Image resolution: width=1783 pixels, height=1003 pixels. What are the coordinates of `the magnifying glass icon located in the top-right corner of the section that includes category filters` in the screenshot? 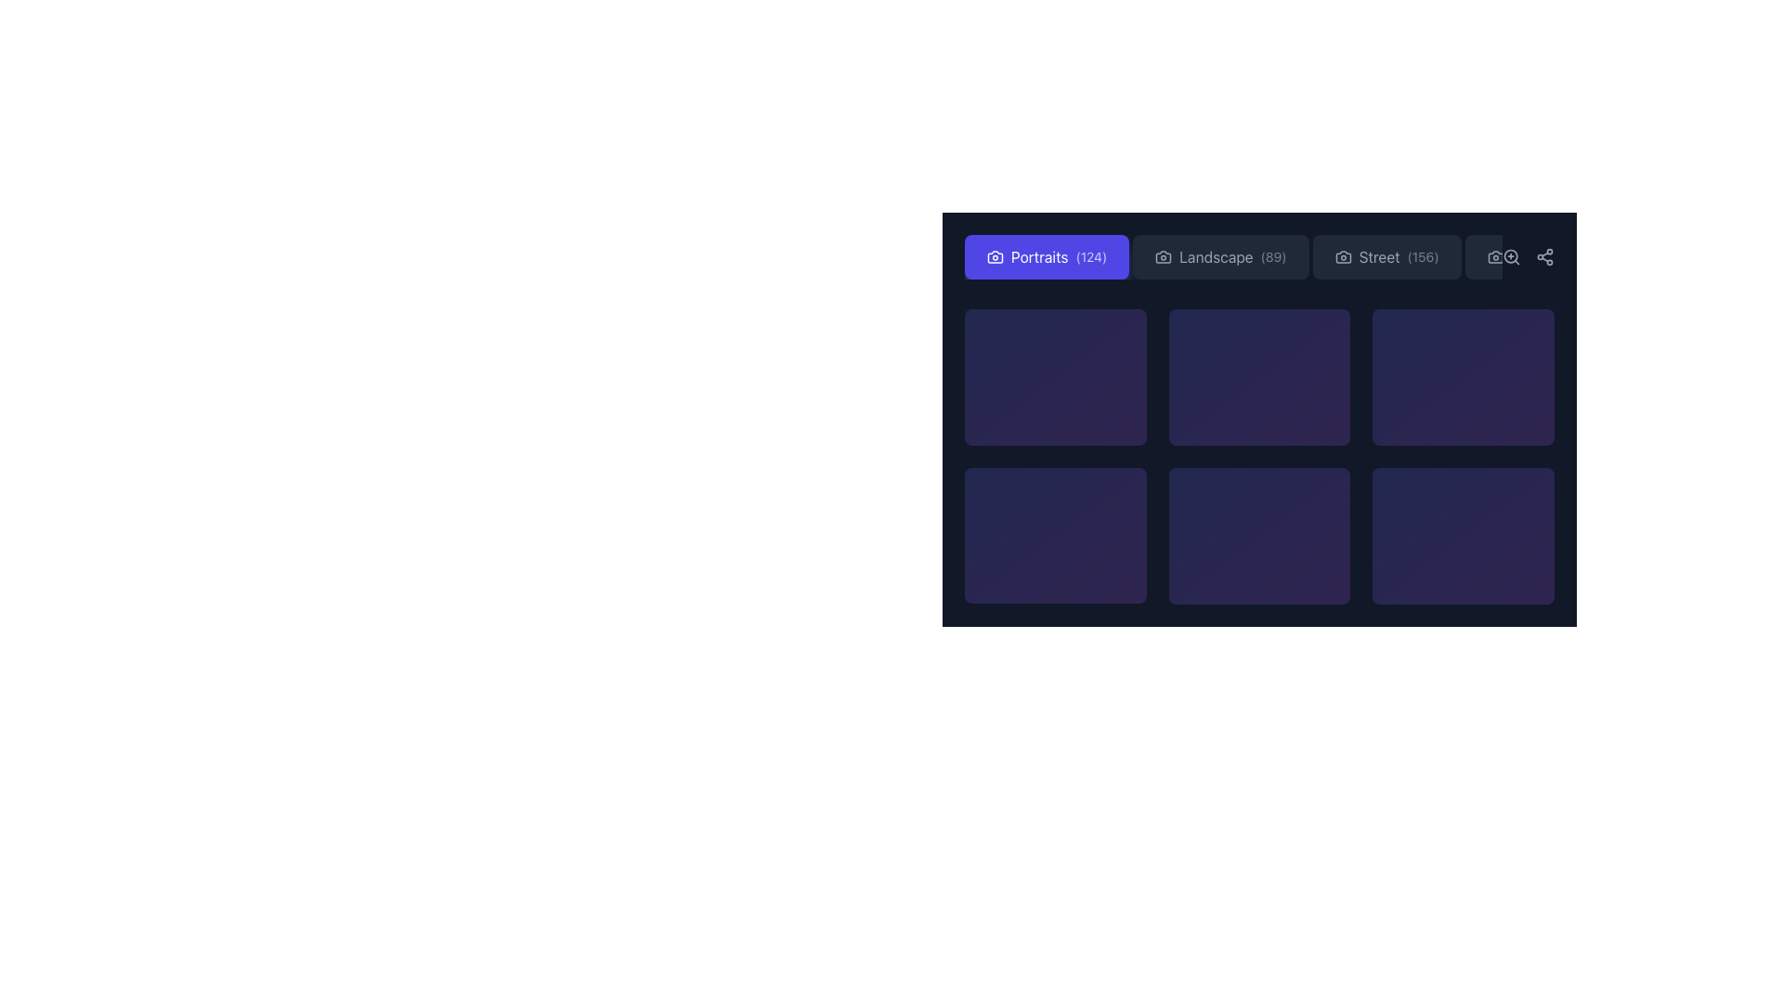 It's located at (1529, 257).